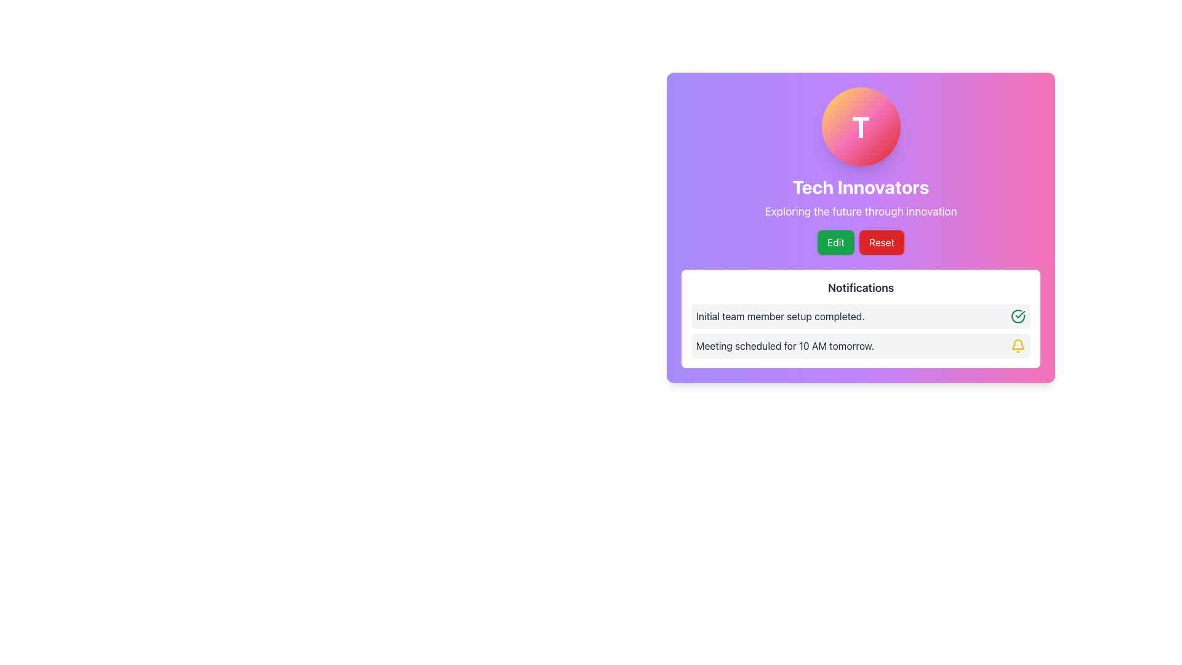  I want to click on the first notification message in the 'Notifications' section, indicating that the initial team member setup has been successfully completed, so click(860, 315).